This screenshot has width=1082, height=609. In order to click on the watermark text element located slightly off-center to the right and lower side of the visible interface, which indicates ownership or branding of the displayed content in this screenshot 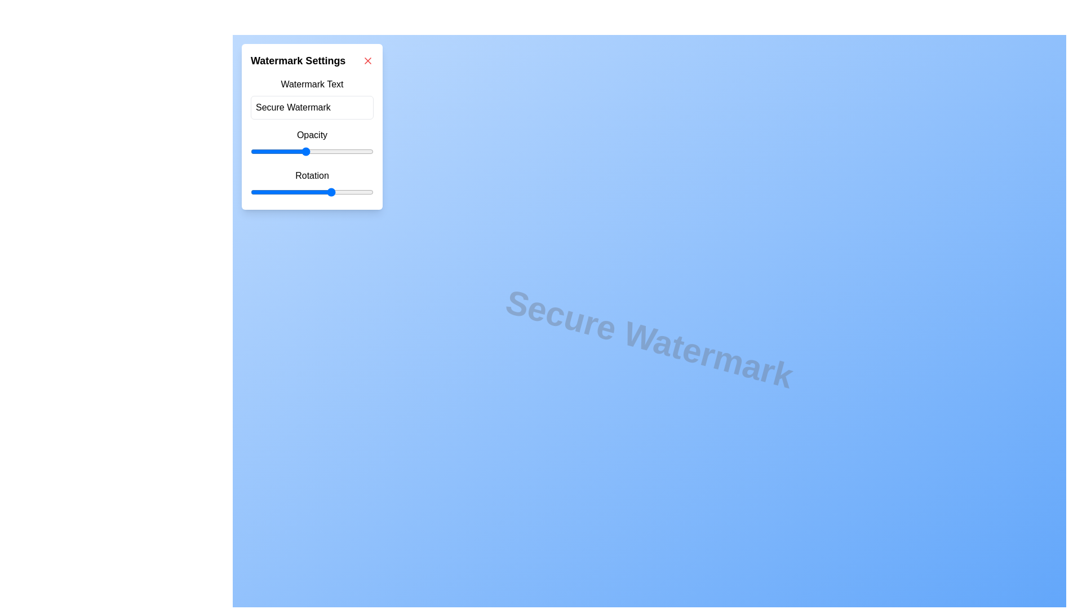, I will do `click(649, 338)`.